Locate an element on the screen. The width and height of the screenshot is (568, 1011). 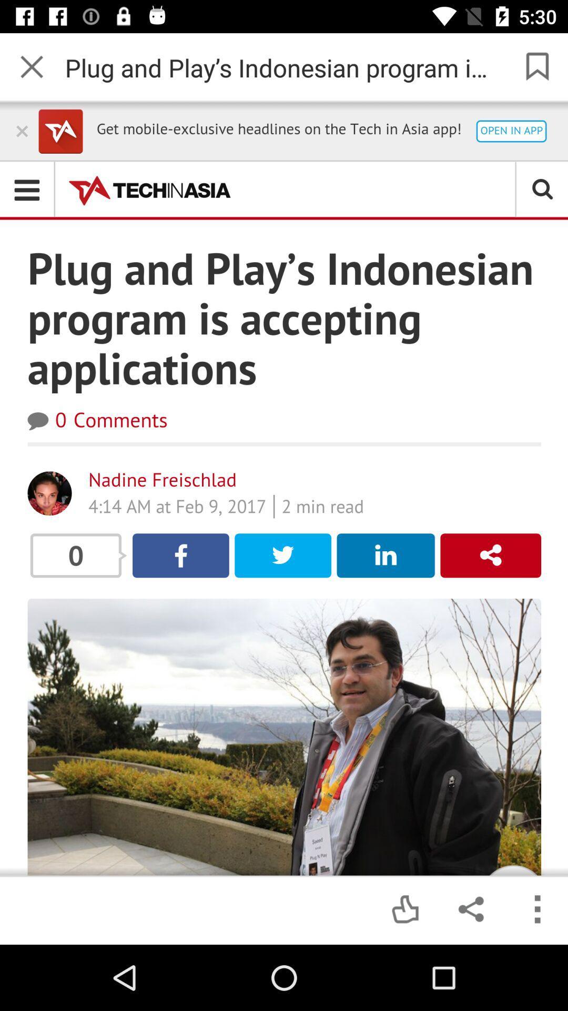
the more icon is located at coordinates (535, 909).